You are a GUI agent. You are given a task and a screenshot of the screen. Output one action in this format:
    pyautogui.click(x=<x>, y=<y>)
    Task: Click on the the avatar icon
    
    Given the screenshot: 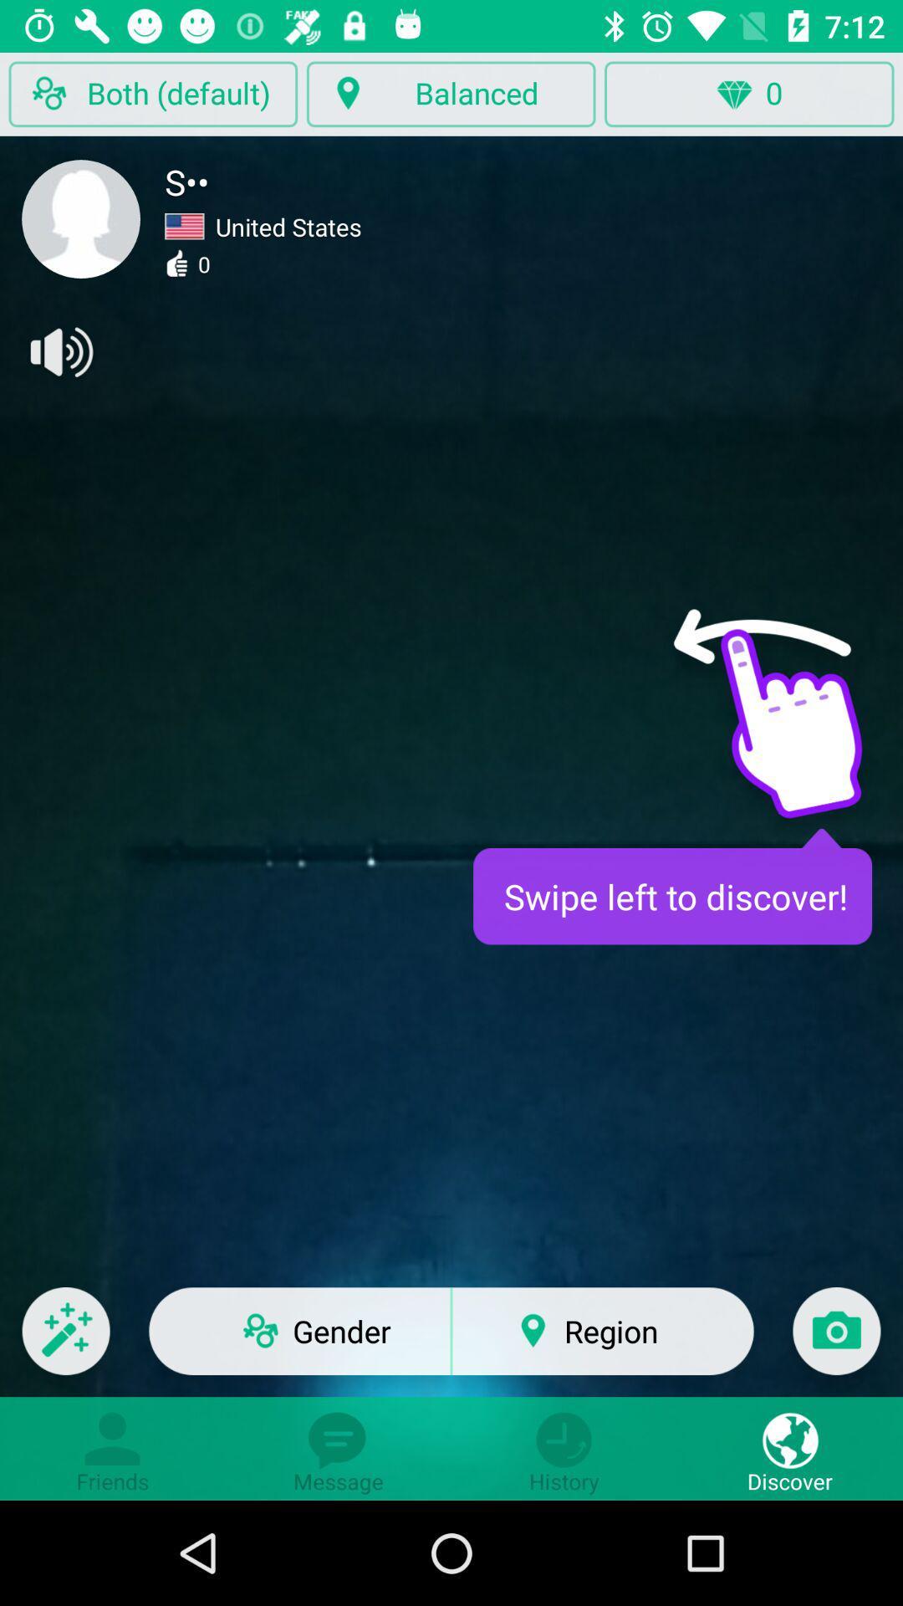 What is the action you would take?
    pyautogui.click(x=81, y=218)
    